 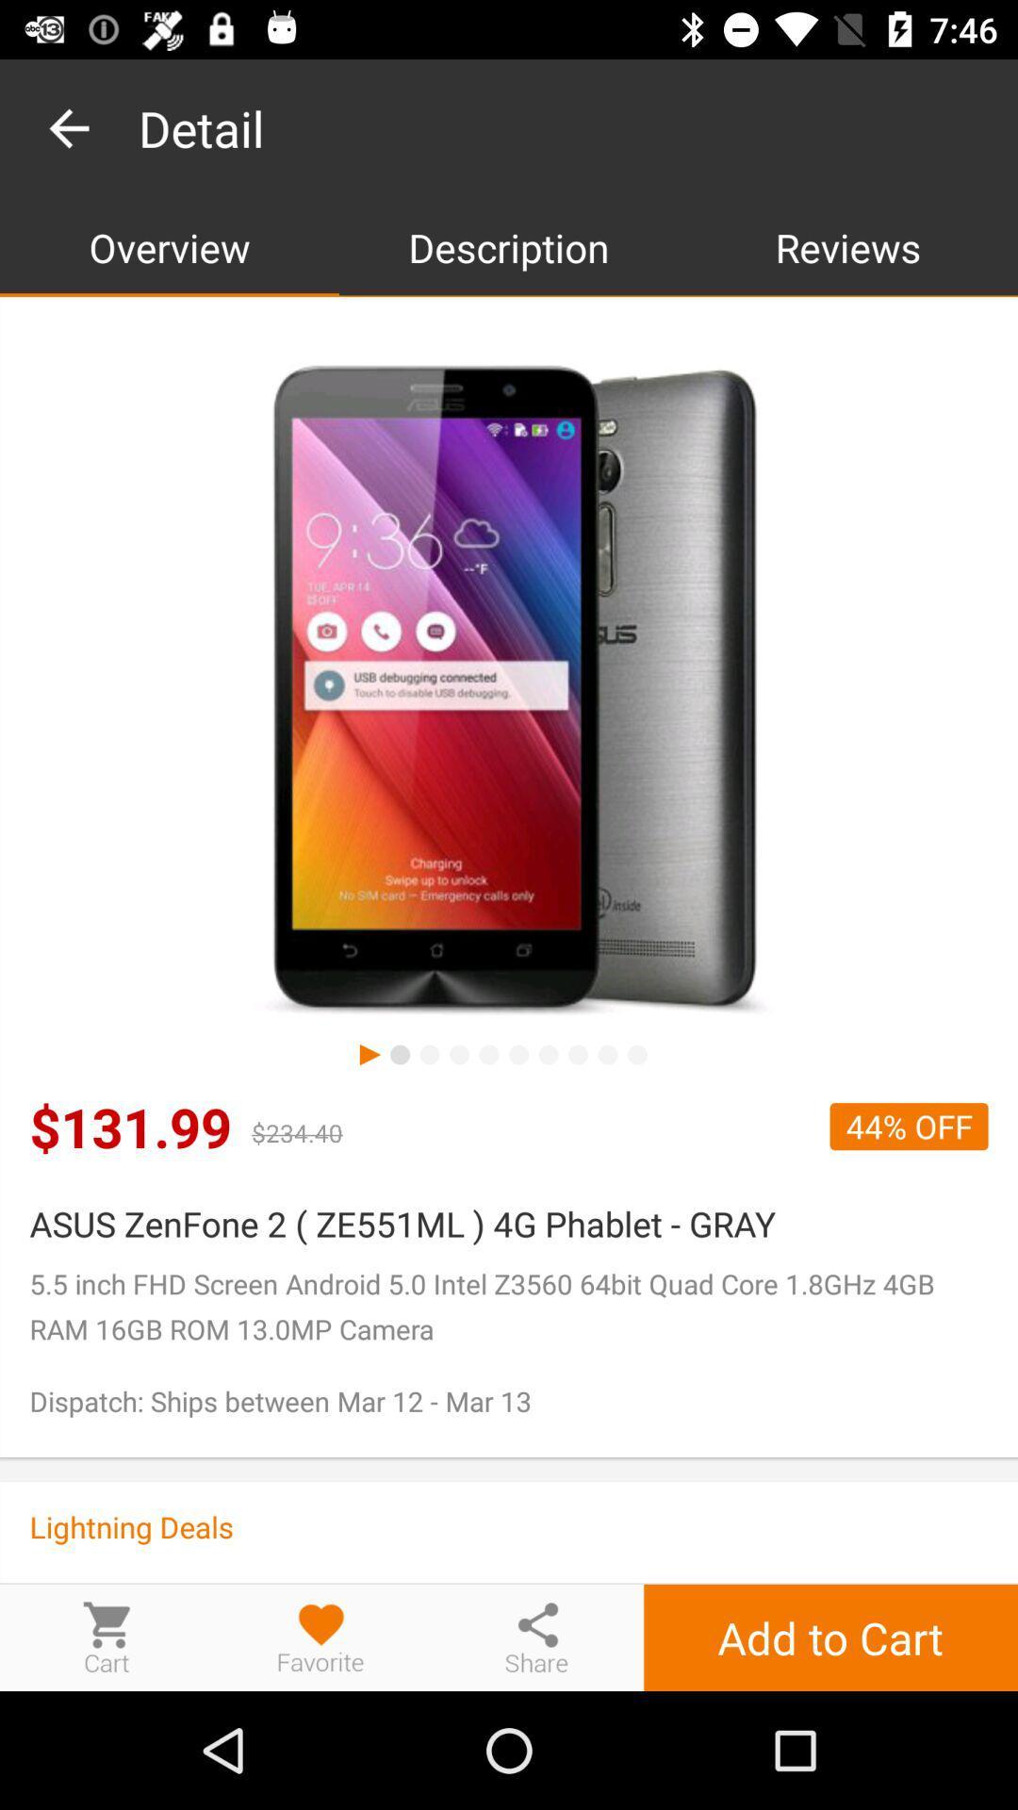 I want to click on share this product, so click(x=536, y=1637).